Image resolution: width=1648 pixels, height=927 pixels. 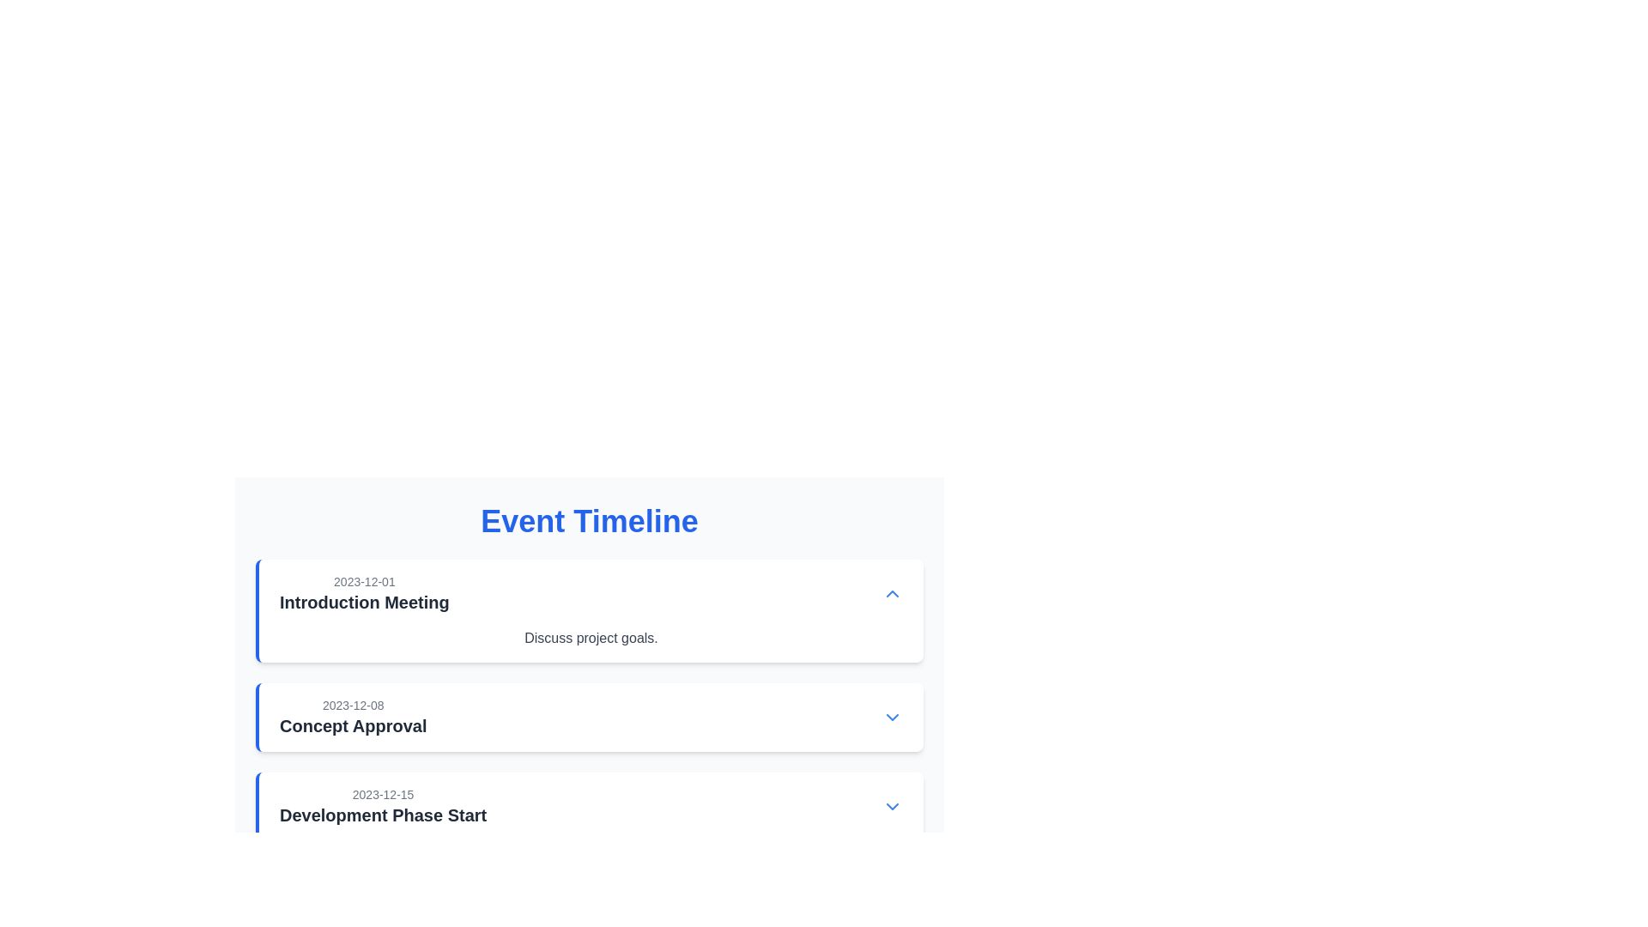 I want to click on the header text element that serves as a descriptive heading for the events section, located at the top of the timeline interface, so click(x=589, y=521).